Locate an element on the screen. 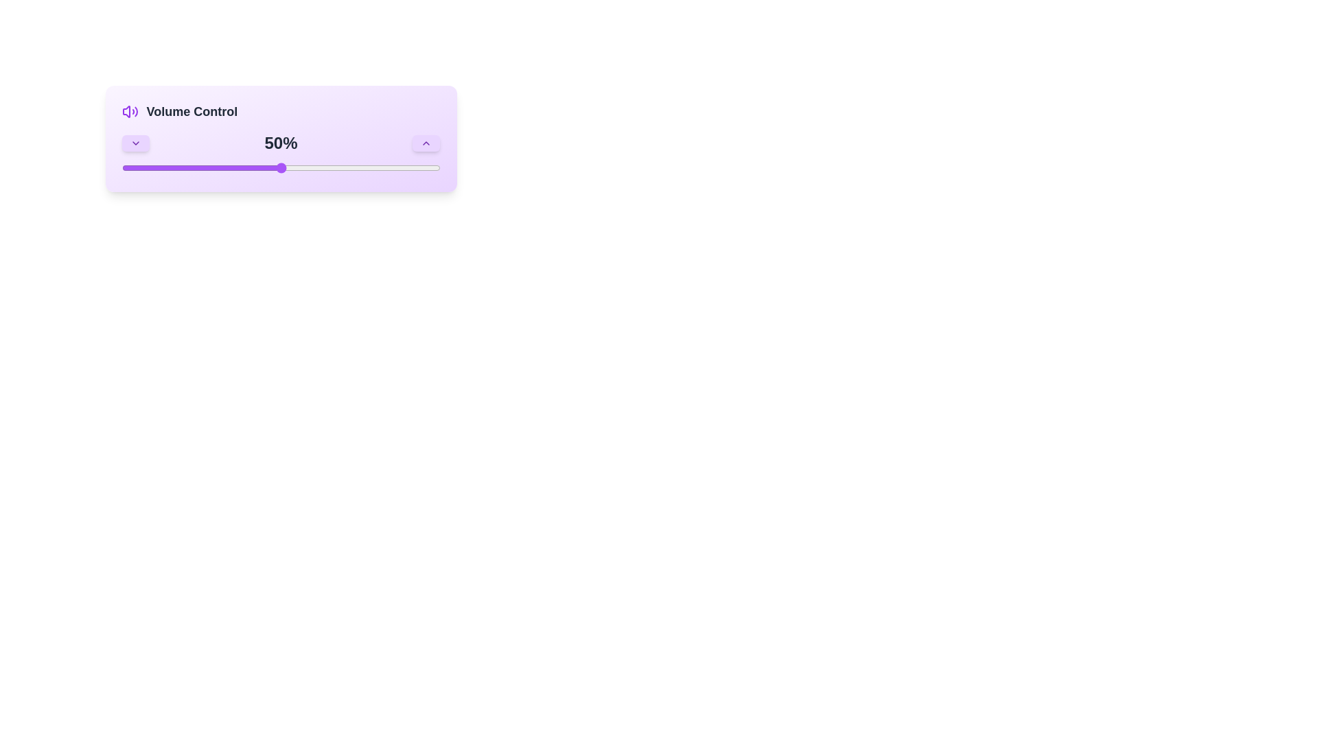  the volume slider is located at coordinates (395, 167).